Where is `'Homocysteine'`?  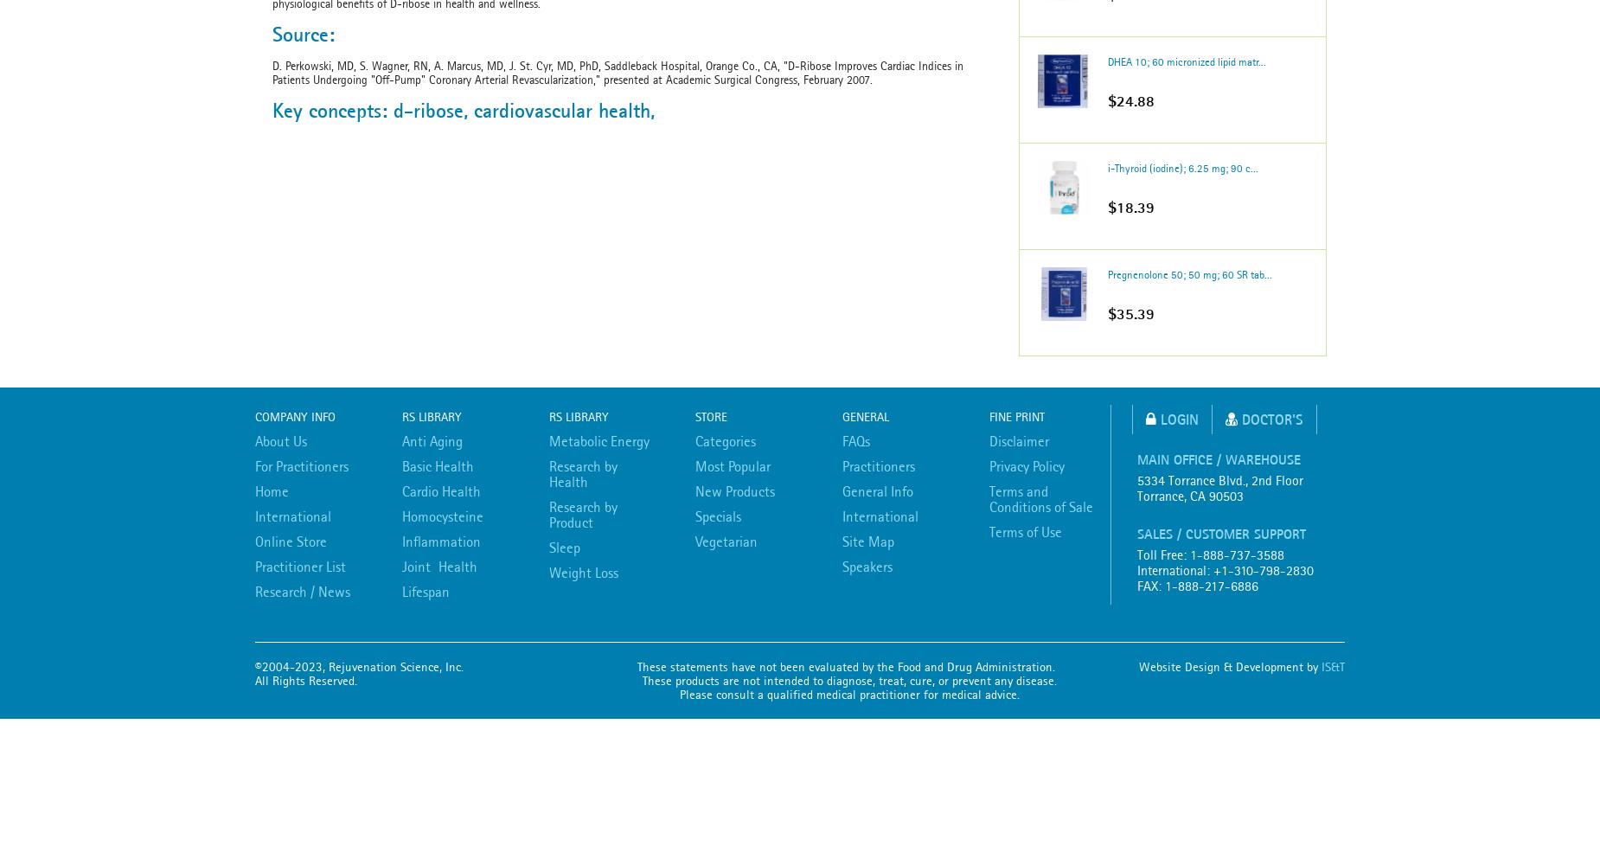 'Homocysteine' is located at coordinates (400, 516).